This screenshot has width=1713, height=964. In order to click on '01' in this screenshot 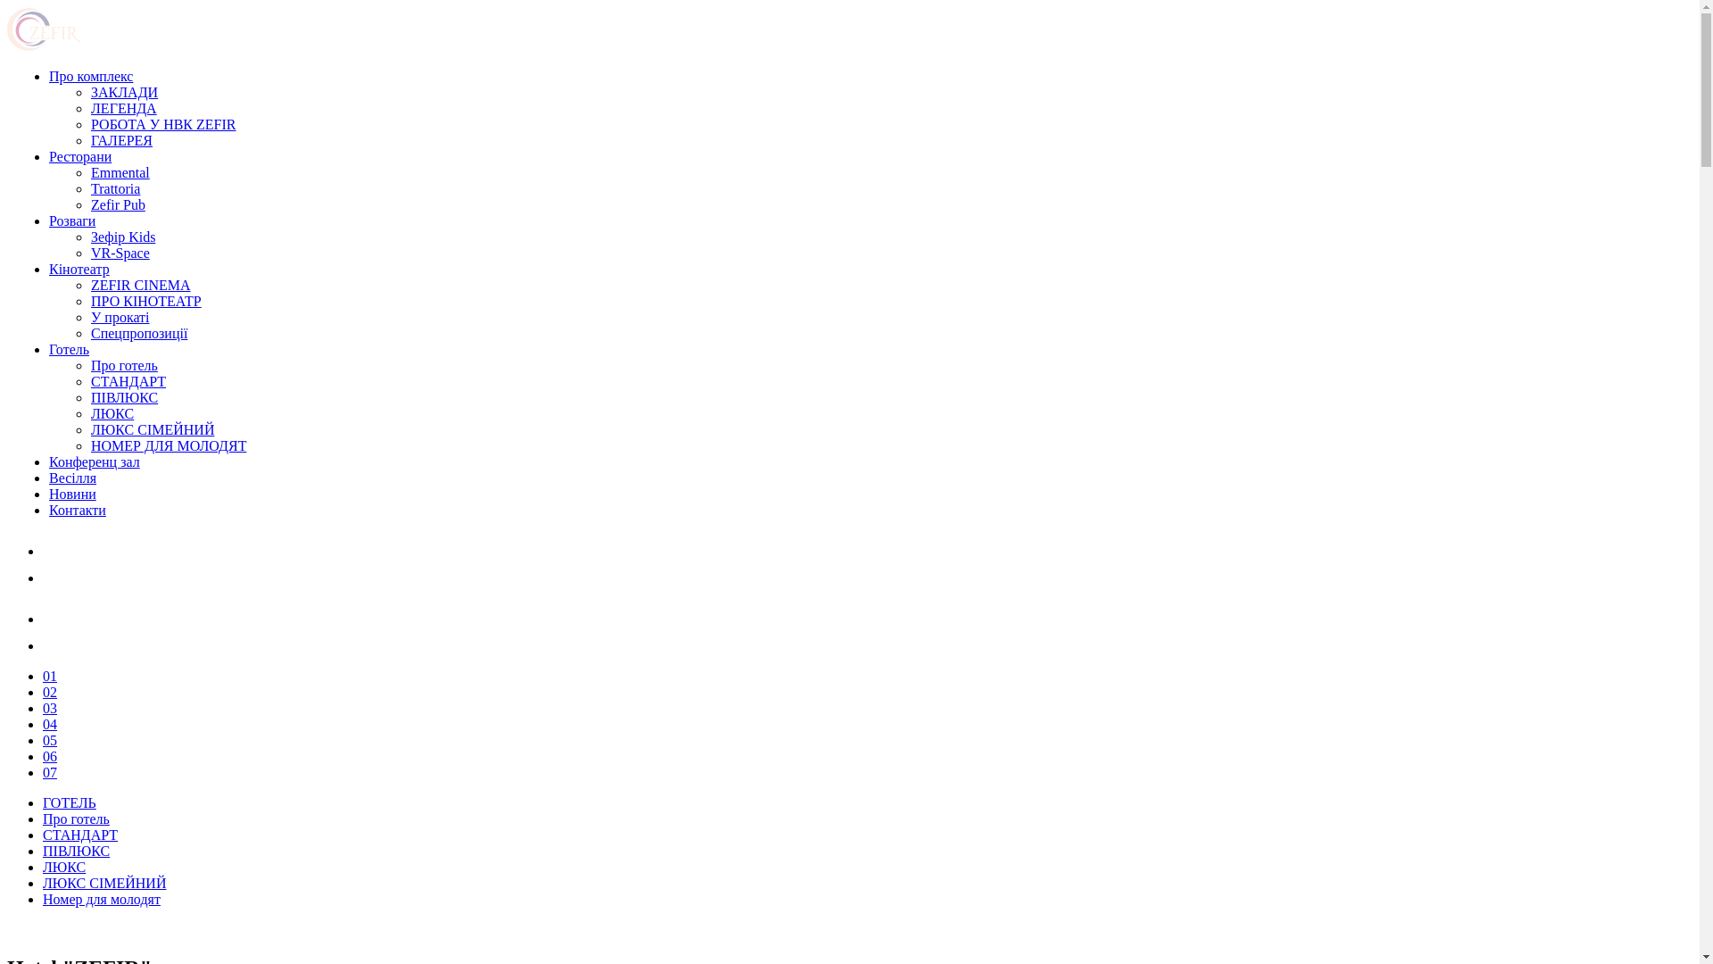, I will do `click(50, 676)`.